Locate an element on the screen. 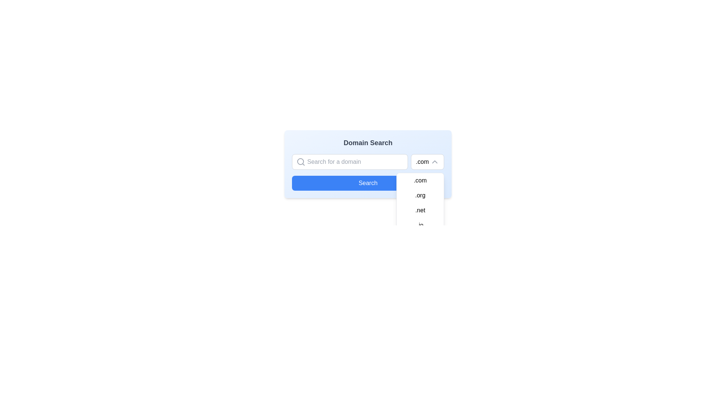 This screenshot has width=716, height=403. the last option in the dropdown menu that displays the text '.io' is located at coordinates (420, 225).